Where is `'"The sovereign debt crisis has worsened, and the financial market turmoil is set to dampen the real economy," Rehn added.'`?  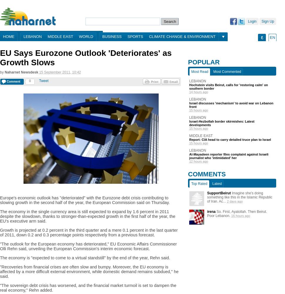
'"The sovereign debt crisis has worsened, and the financial market turmoil is set to dampen the real economy," Rehn added.' is located at coordinates (88, 288).